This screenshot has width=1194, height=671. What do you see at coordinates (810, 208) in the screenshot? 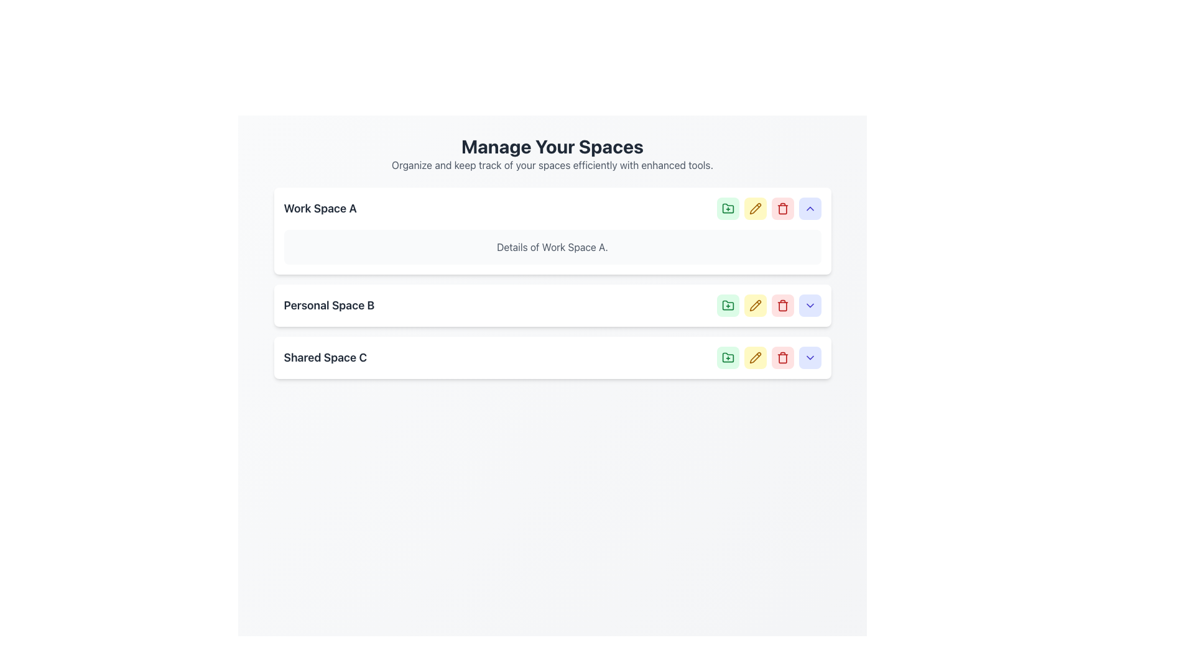
I see `the 'Toggle Details' button, which is the fifth button in a horizontal group of five, located at the far-right end within the Manage Your Spaces interface` at bounding box center [810, 208].